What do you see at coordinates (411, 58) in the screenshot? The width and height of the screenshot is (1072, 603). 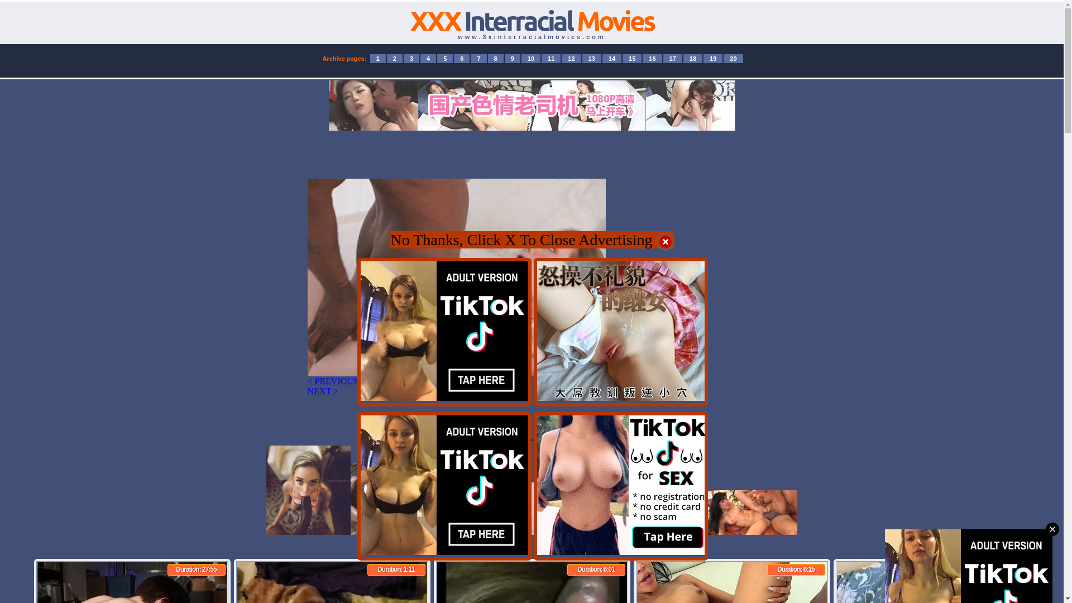 I see `'3'` at bounding box center [411, 58].